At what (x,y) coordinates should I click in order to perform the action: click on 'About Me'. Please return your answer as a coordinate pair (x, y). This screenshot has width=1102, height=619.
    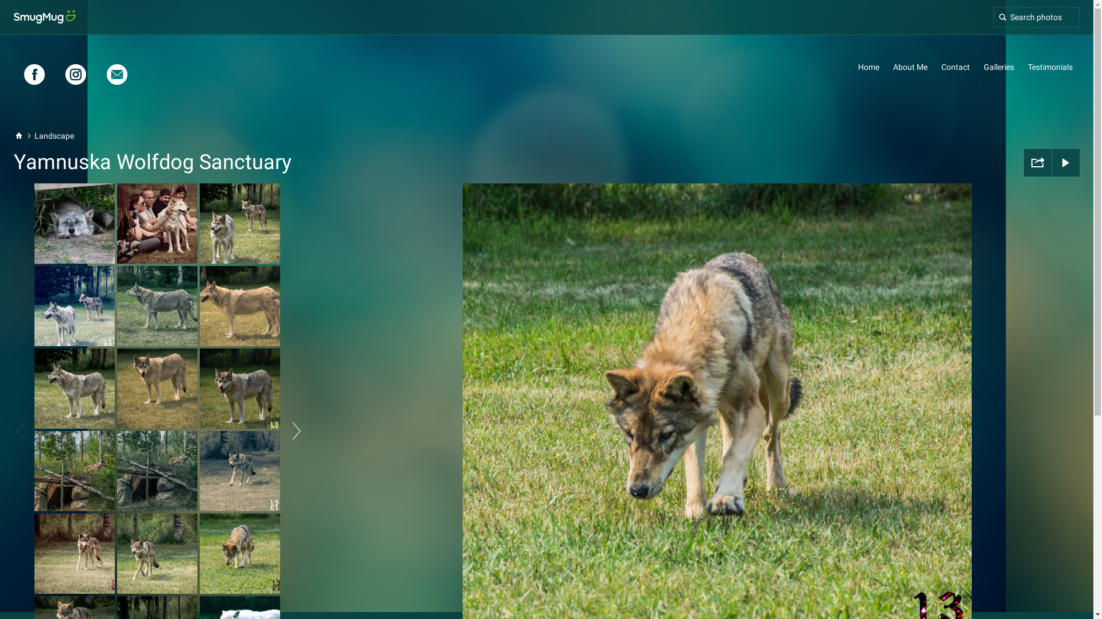
    Looking at the image, I should click on (909, 66).